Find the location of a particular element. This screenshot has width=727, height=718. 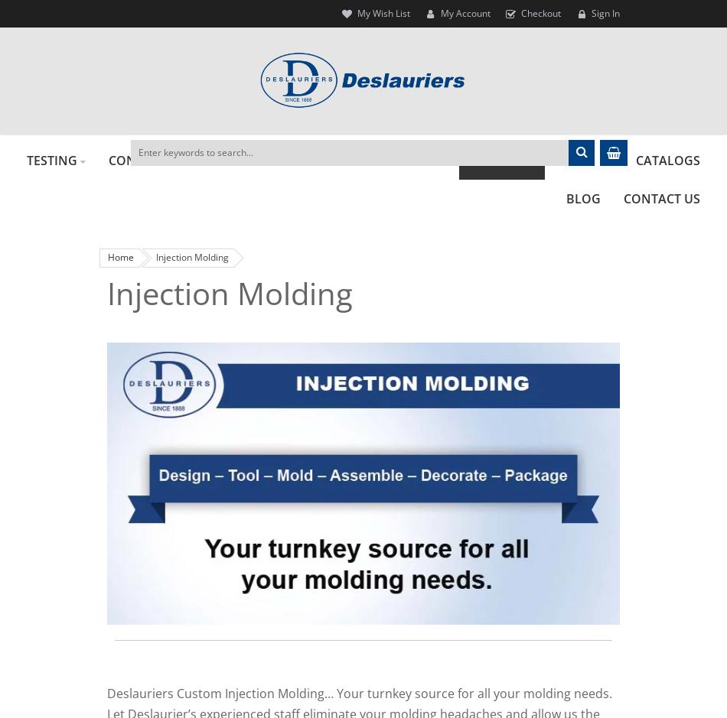

'SHIMS' is located at coordinates (420, 159).